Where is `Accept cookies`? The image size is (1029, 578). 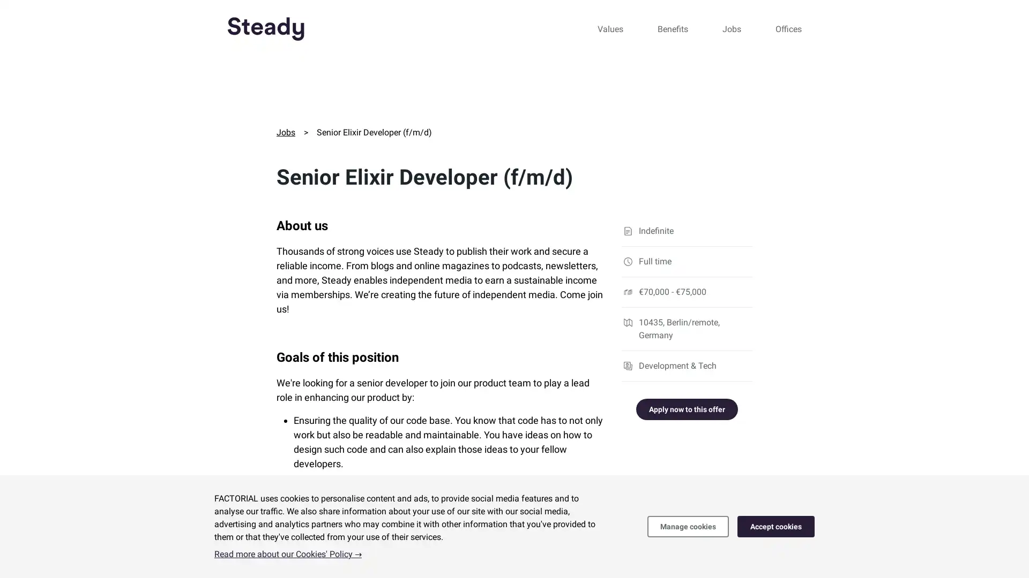
Accept cookies is located at coordinates (776, 526).